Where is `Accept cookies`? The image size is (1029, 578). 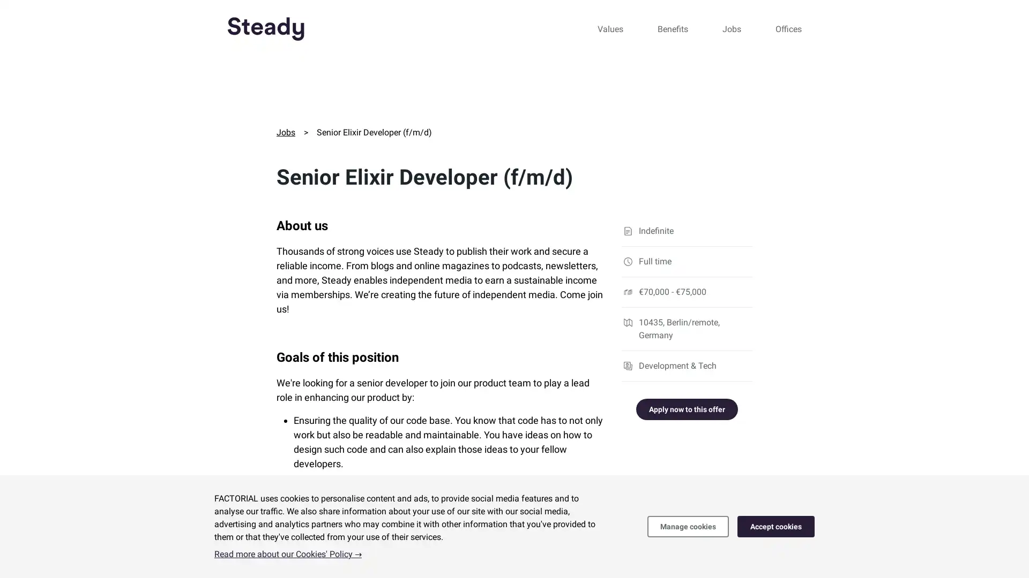
Accept cookies is located at coordinates (776, 526).